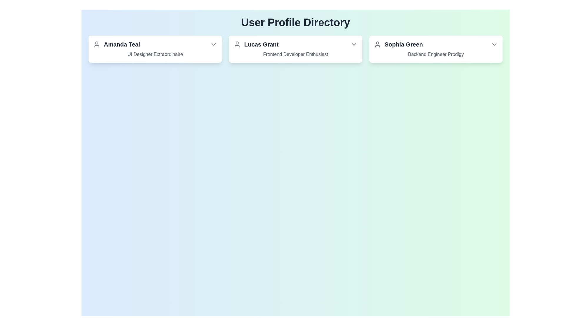 The width and height of the screenshot is (565, 318). I want to click on the SVG Icon representing the user's profile image for 'Lucas Grant' located at the top-left corner of the profile card, so click(237, 44).